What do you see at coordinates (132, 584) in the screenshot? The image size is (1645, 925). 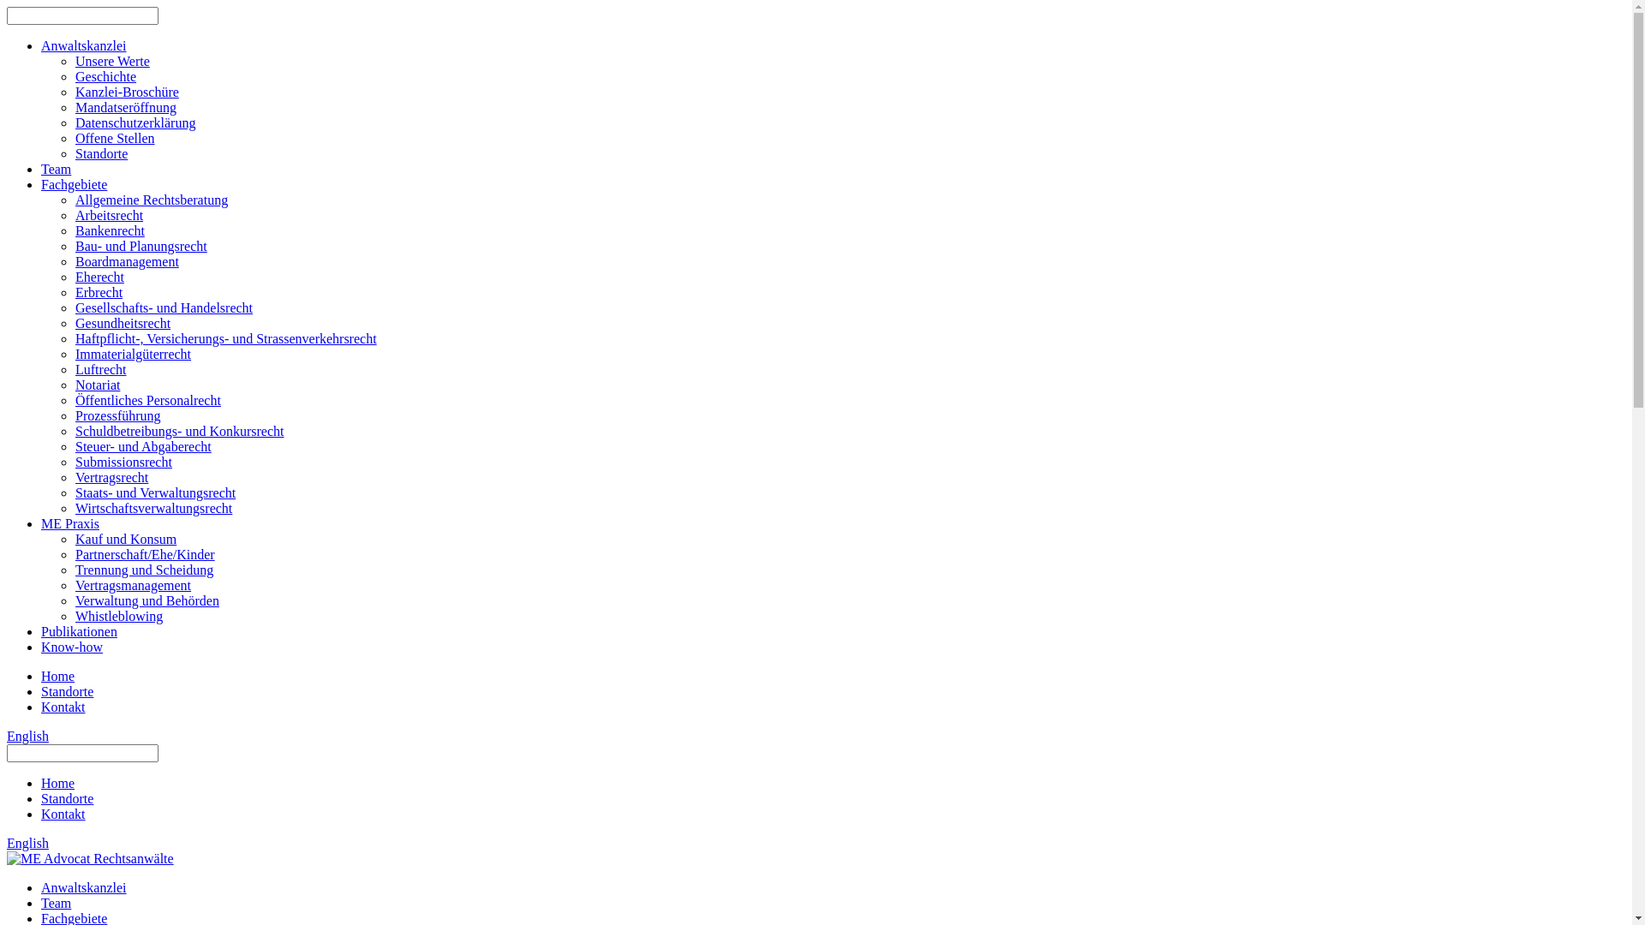 I see `'Vertragsmanagement'` at bounding box center [132, 584].